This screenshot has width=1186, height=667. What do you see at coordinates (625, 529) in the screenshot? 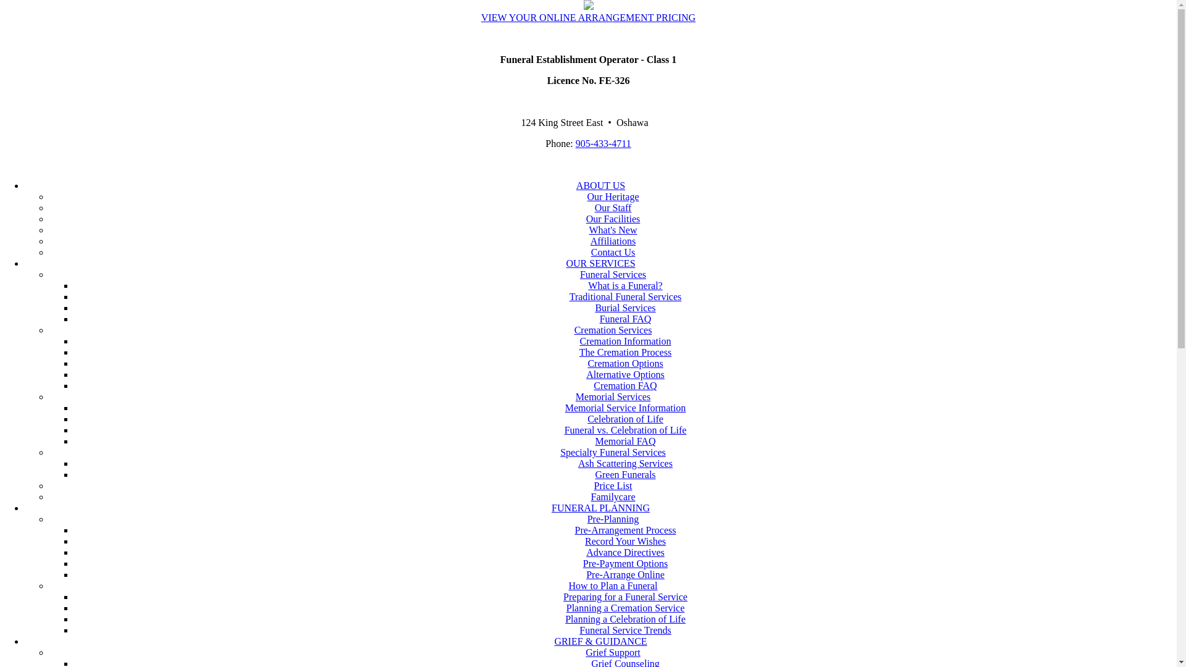
I see `'Pre-Arrangement Process'` at bounding box center [625, 529].